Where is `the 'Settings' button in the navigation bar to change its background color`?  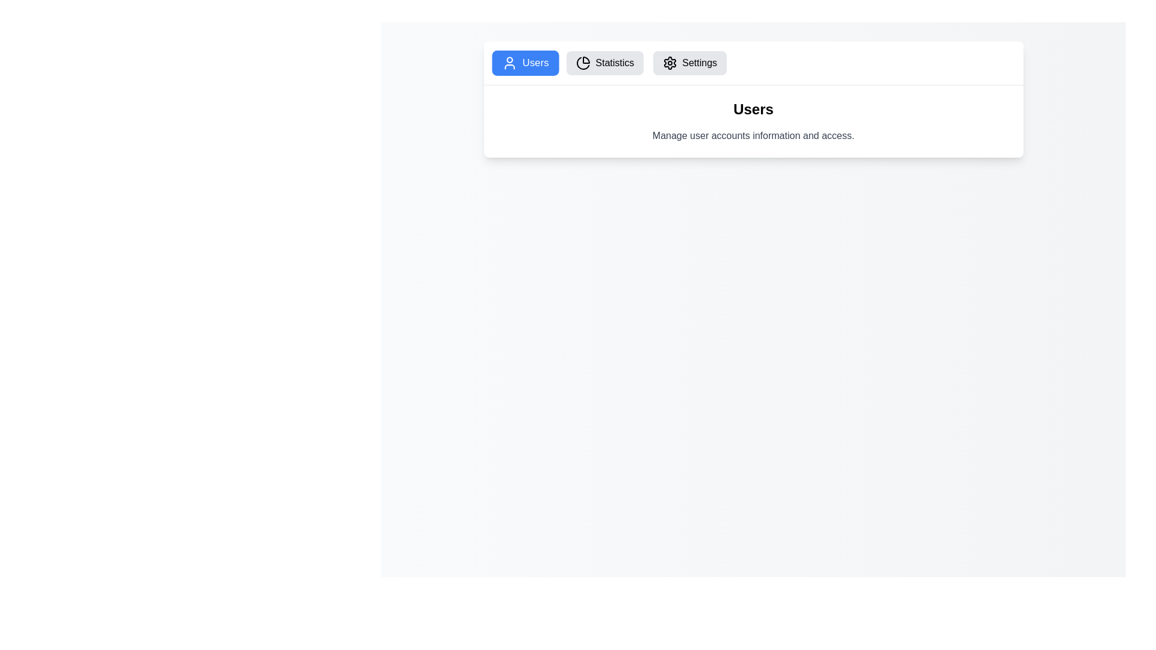 the 'Settings' button in the navigation bar to change its background color is located at coordinates (690, 63).